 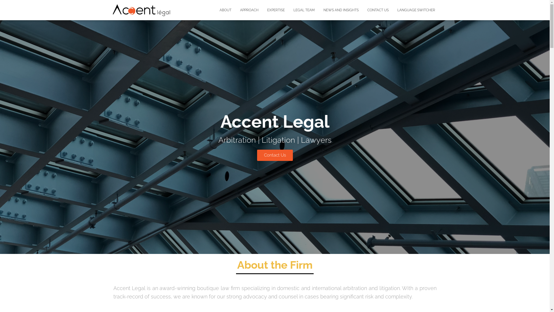 What do you see at coordinates (141, 10) in the screenshot?
I see `'Accent Legal'` at bounding box center [141, 10].